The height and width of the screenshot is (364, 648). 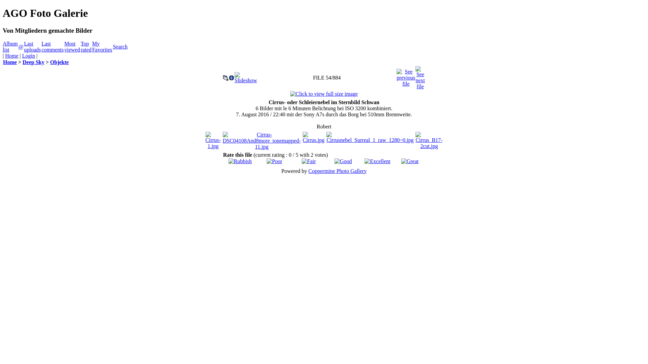 What do you see at coordinates (228, 161) in the screenshot?
I see `'Rubbish'` at bounding box center [228, 161].